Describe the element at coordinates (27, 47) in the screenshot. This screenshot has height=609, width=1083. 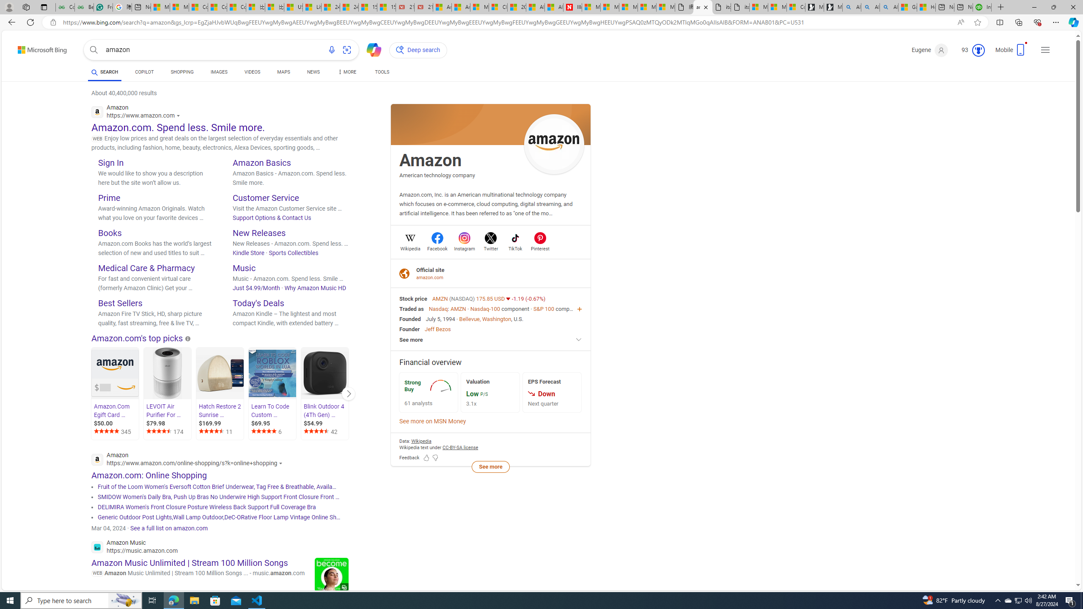
I see `'Skip to content'` at that location.